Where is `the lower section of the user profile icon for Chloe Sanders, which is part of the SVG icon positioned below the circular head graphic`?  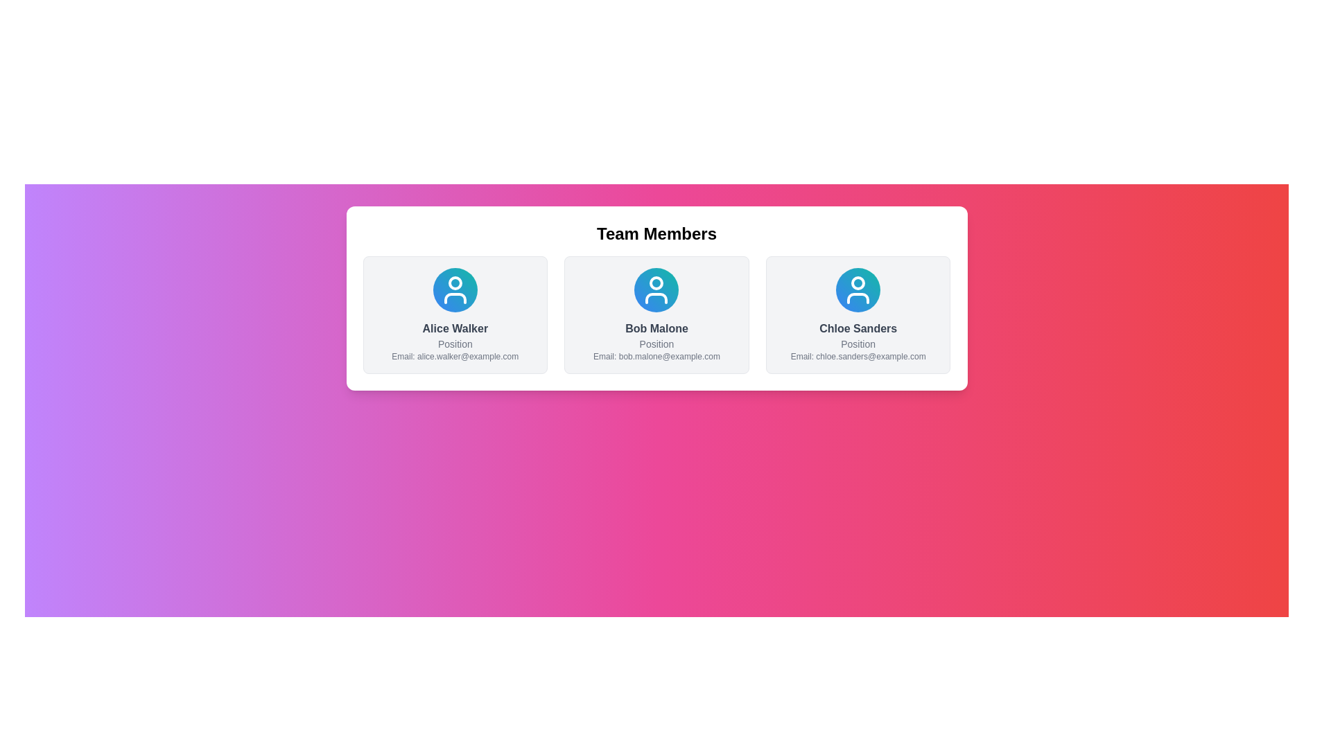 the lower section of the user profile icon for Chloe Sanders, which is part of the SVG icon positioned below the circular head graphic is located at coordinates (858, 298).